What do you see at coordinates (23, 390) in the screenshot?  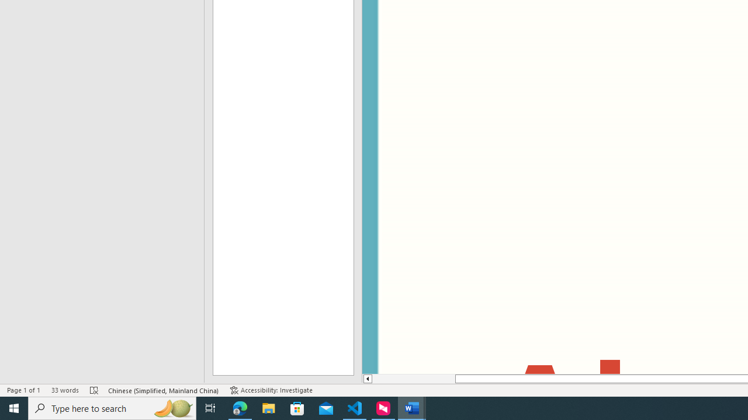 I see `'Page Number Page 1 of 1'` at bounding box center [23, 390].